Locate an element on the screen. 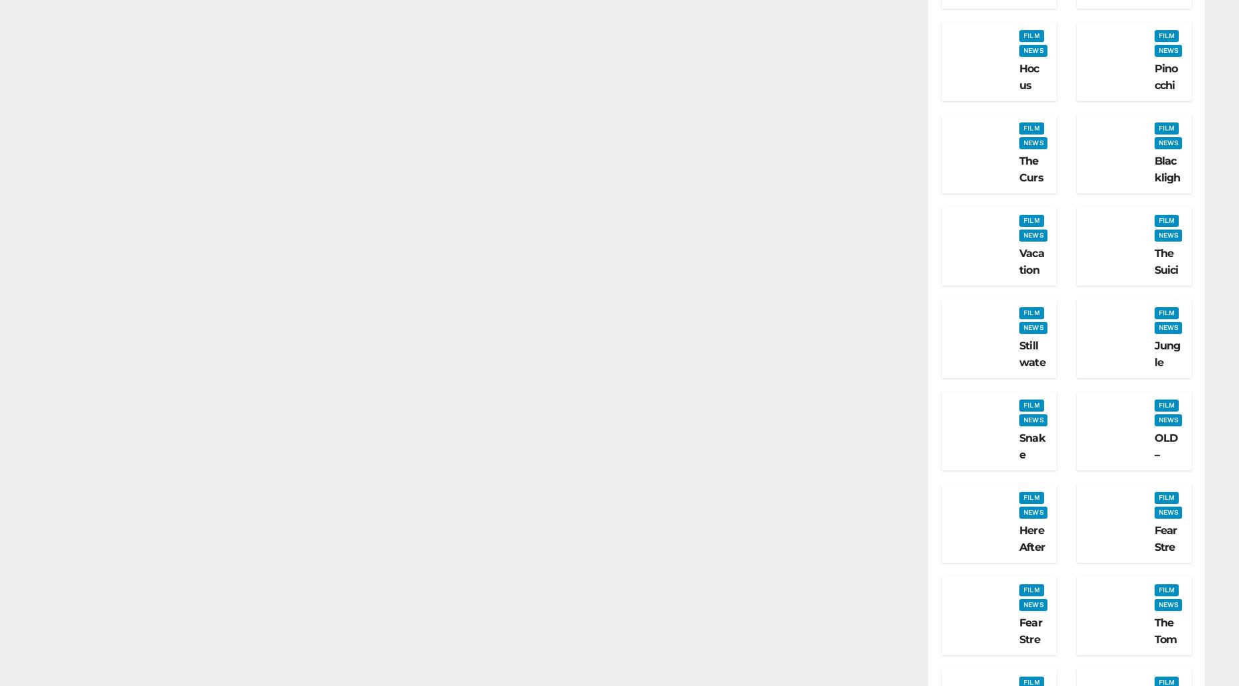  'The Cursed – Film Review' is located at coordinates (1019, 202).